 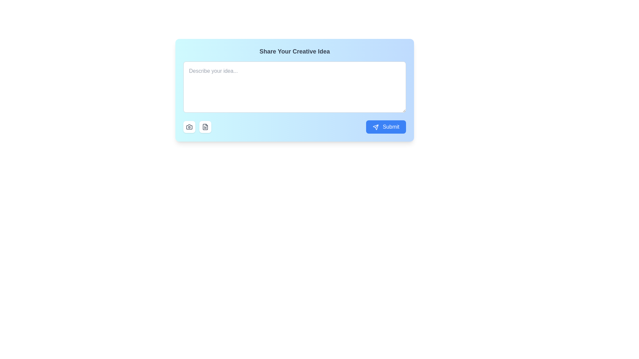 I want to click on the button that handles text or document files, located directly below the input field and to the right of the camera icon, so click(x=205, y=127).